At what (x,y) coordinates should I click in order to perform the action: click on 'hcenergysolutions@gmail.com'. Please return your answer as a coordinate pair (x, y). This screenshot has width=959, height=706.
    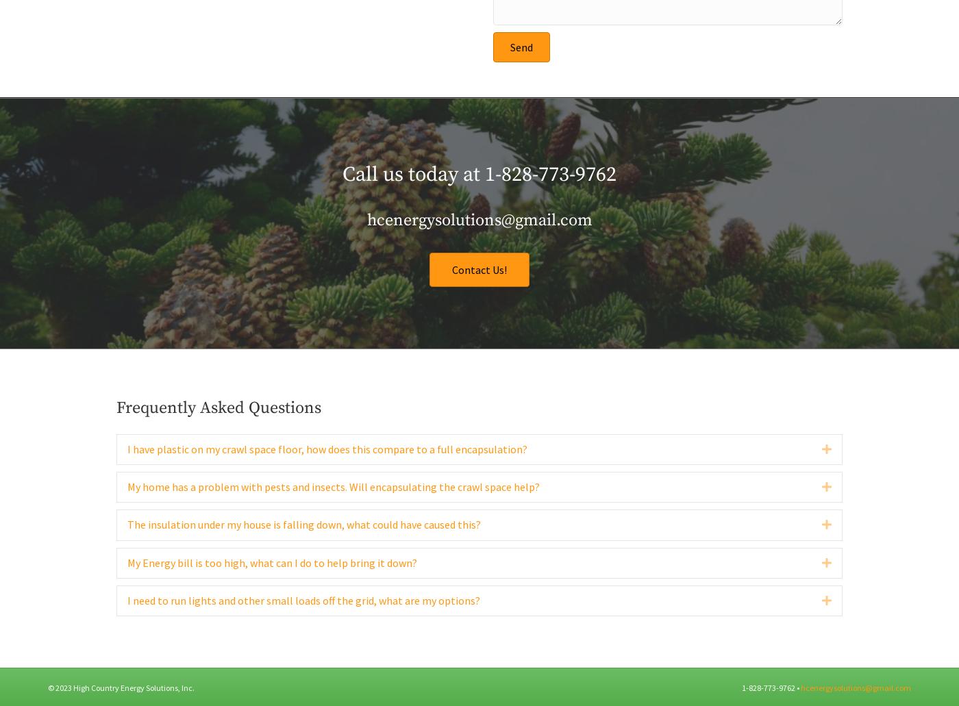
    Looking at the image, I should click on (366, 248).